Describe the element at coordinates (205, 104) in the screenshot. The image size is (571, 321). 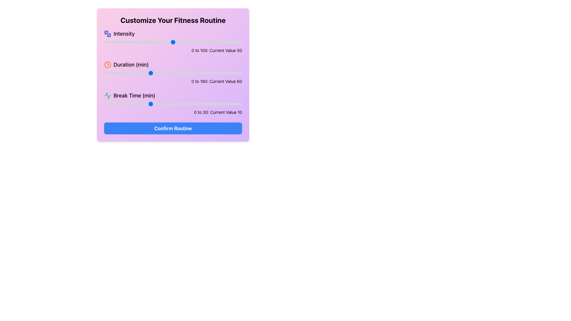
I see `the break time` at that location.